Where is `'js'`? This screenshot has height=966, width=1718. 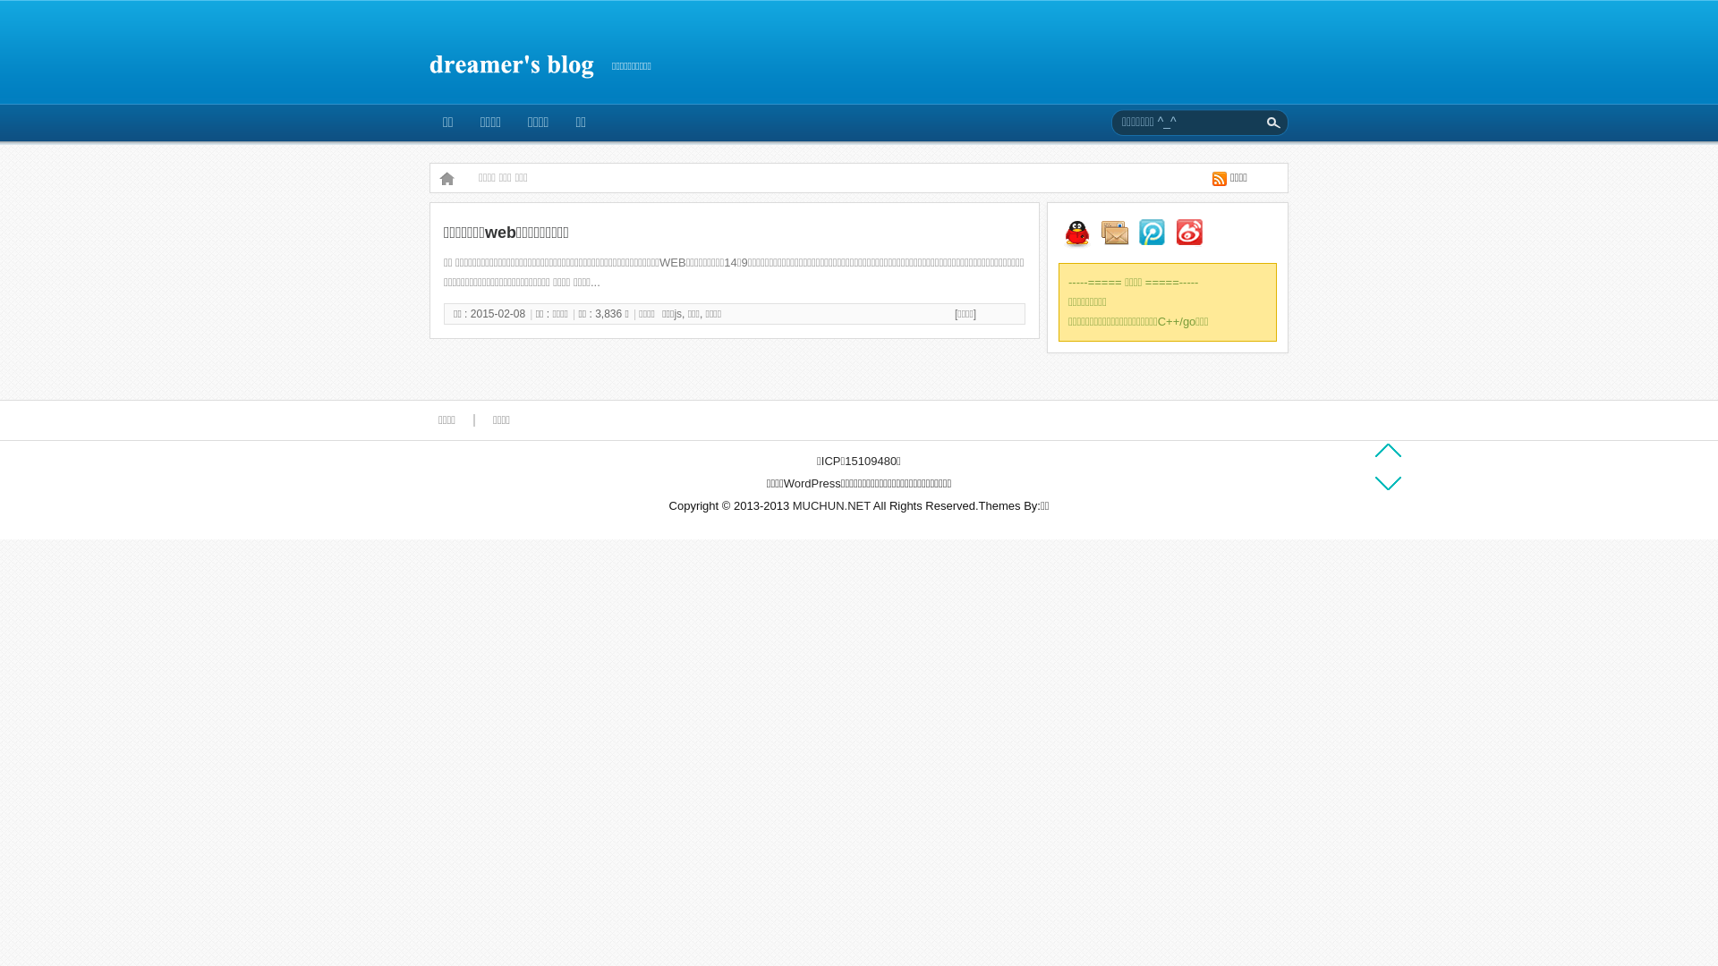
'js' is located at coordinates (676, 313).